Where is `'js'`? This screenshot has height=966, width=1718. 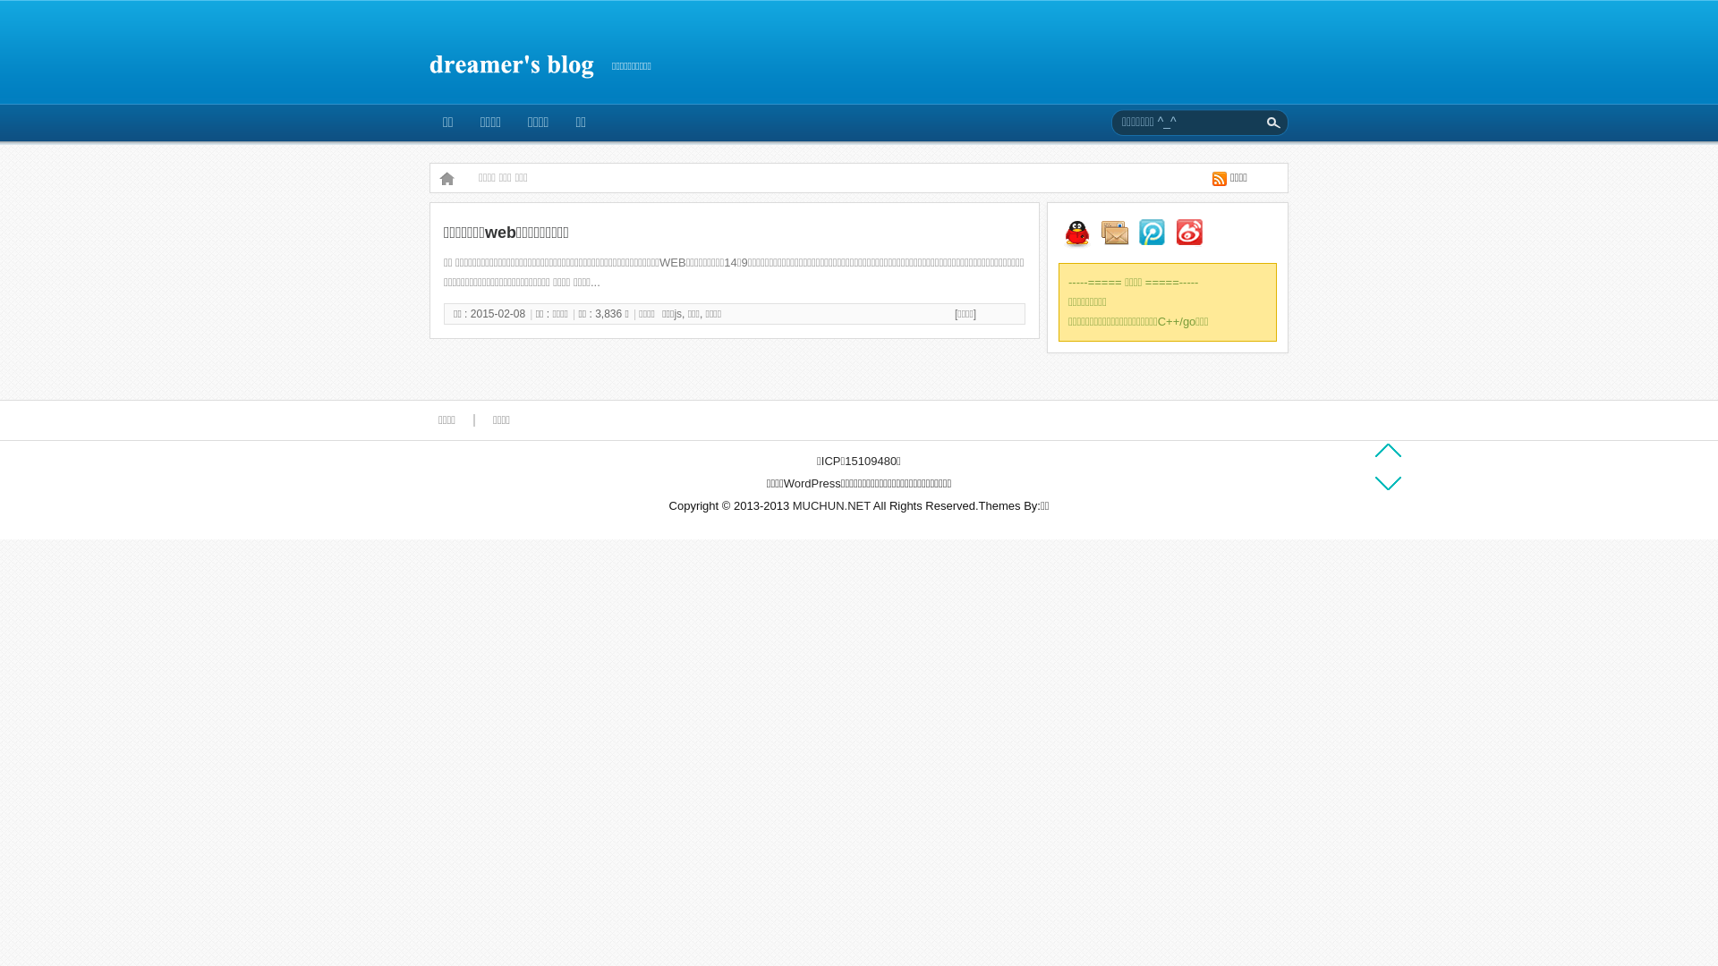
'js' is located at coordinates (676, 313).